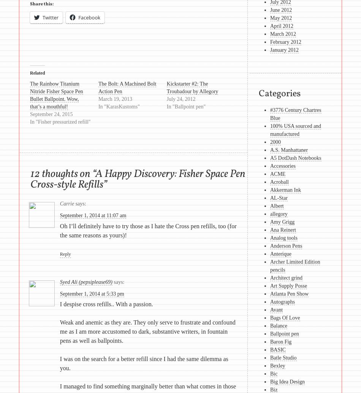 The height and width of the screenshot is (393, 361). What do you see at coordinates (270, 357) in the screenshot?
I see `'Batle Studio'` at bounding box center [270, 357].